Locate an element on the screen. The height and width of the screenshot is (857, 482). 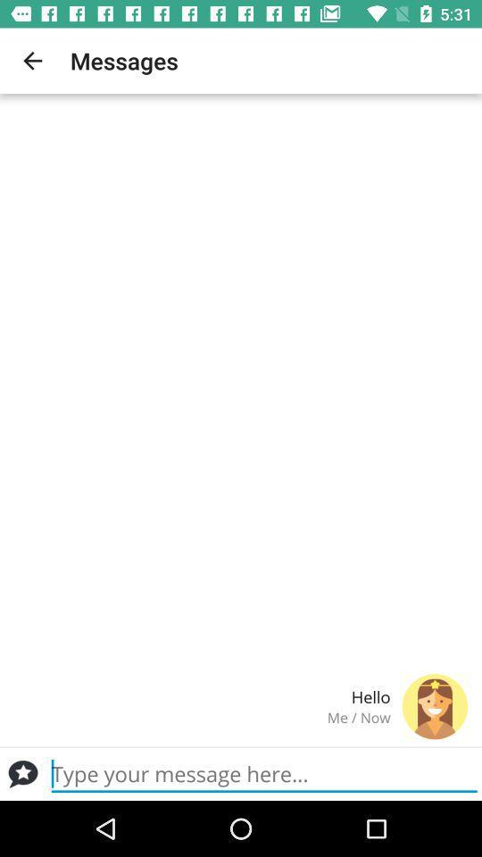
the me / now item is located at coordinates (201, 717).